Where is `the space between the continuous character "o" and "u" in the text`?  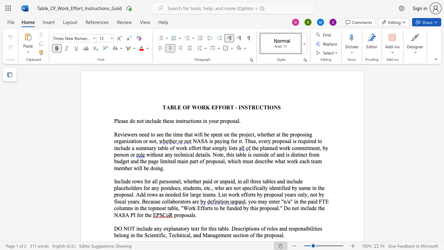
the space between the continuous character "o" and "u" in the text is located at coordinates (214, 120).